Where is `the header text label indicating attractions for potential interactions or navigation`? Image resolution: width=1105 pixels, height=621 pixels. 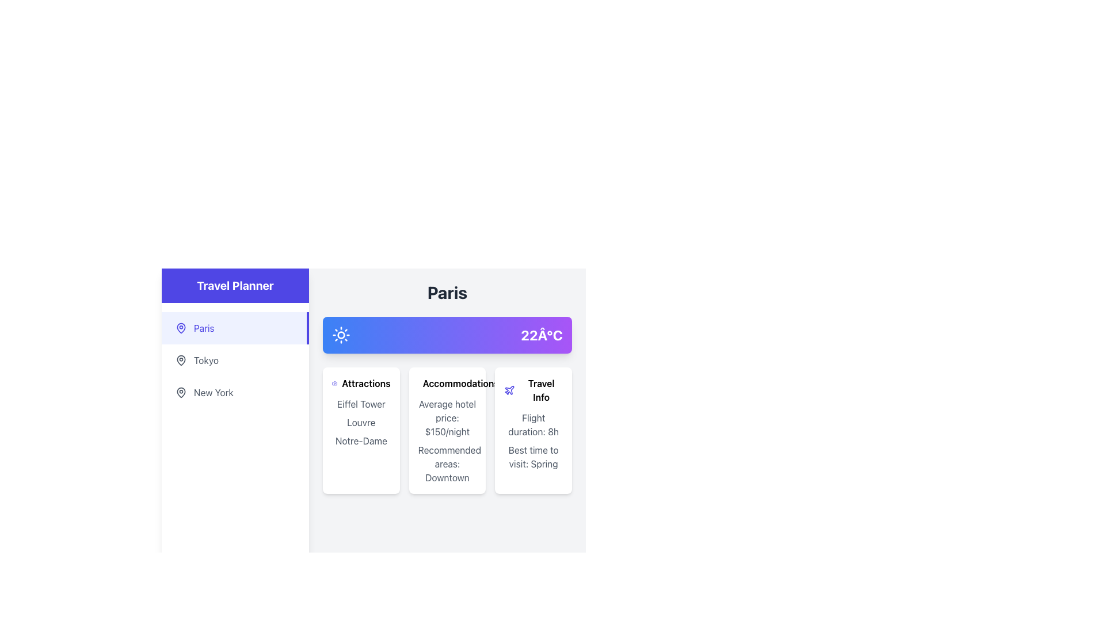 the header text label indicating attractions for potential interactions or navigation is located at coordinates (365, 384).